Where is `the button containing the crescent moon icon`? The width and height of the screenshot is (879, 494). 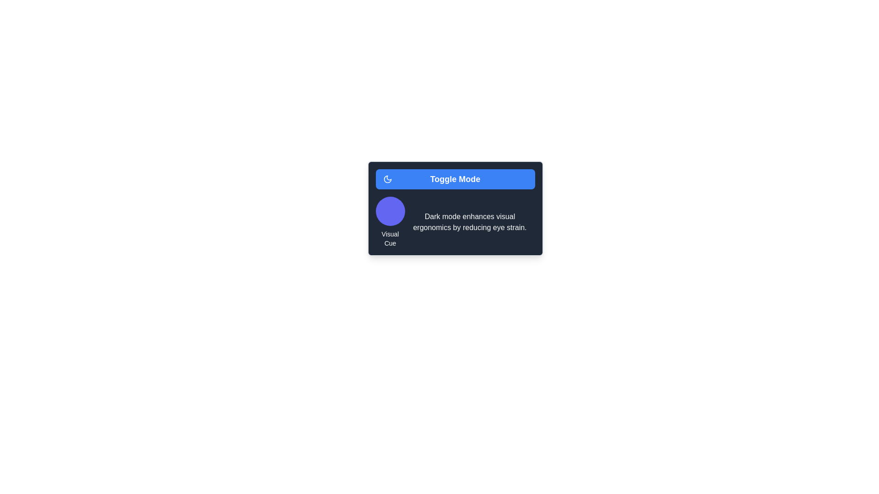 the button containing the crescent moon icon is located at coordinates (387, 179).